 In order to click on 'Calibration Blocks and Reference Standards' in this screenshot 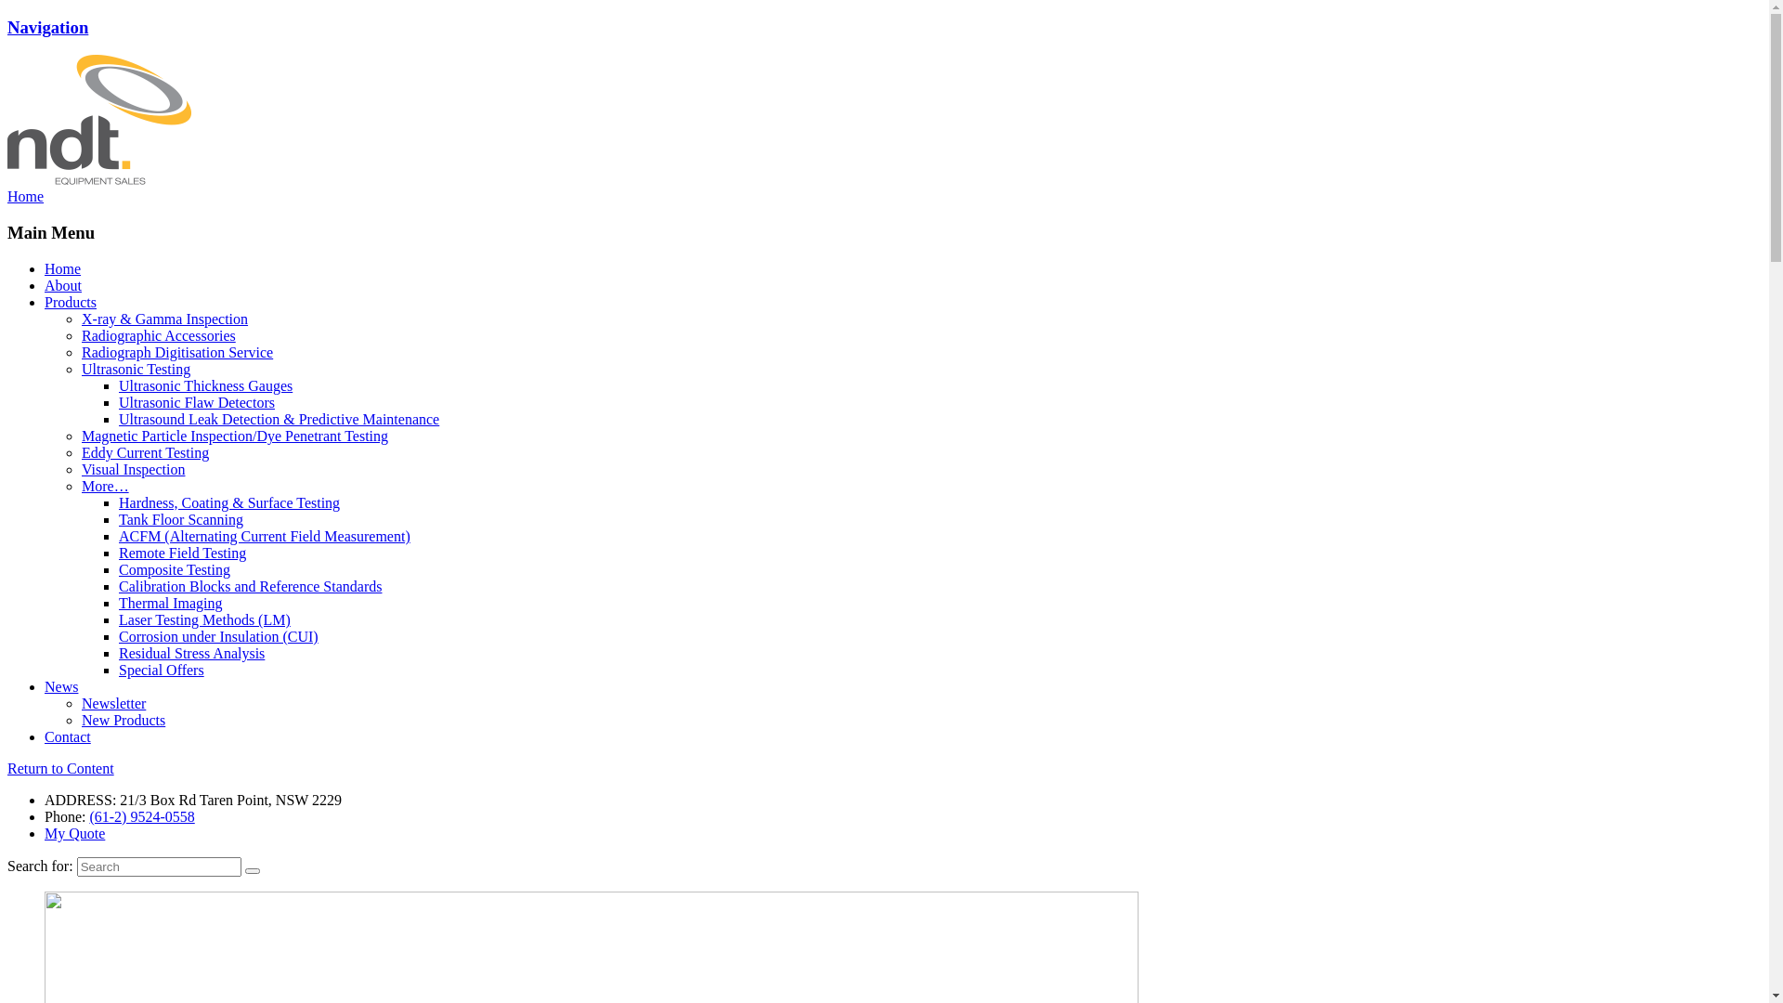, I will do `click(249, 586)`.